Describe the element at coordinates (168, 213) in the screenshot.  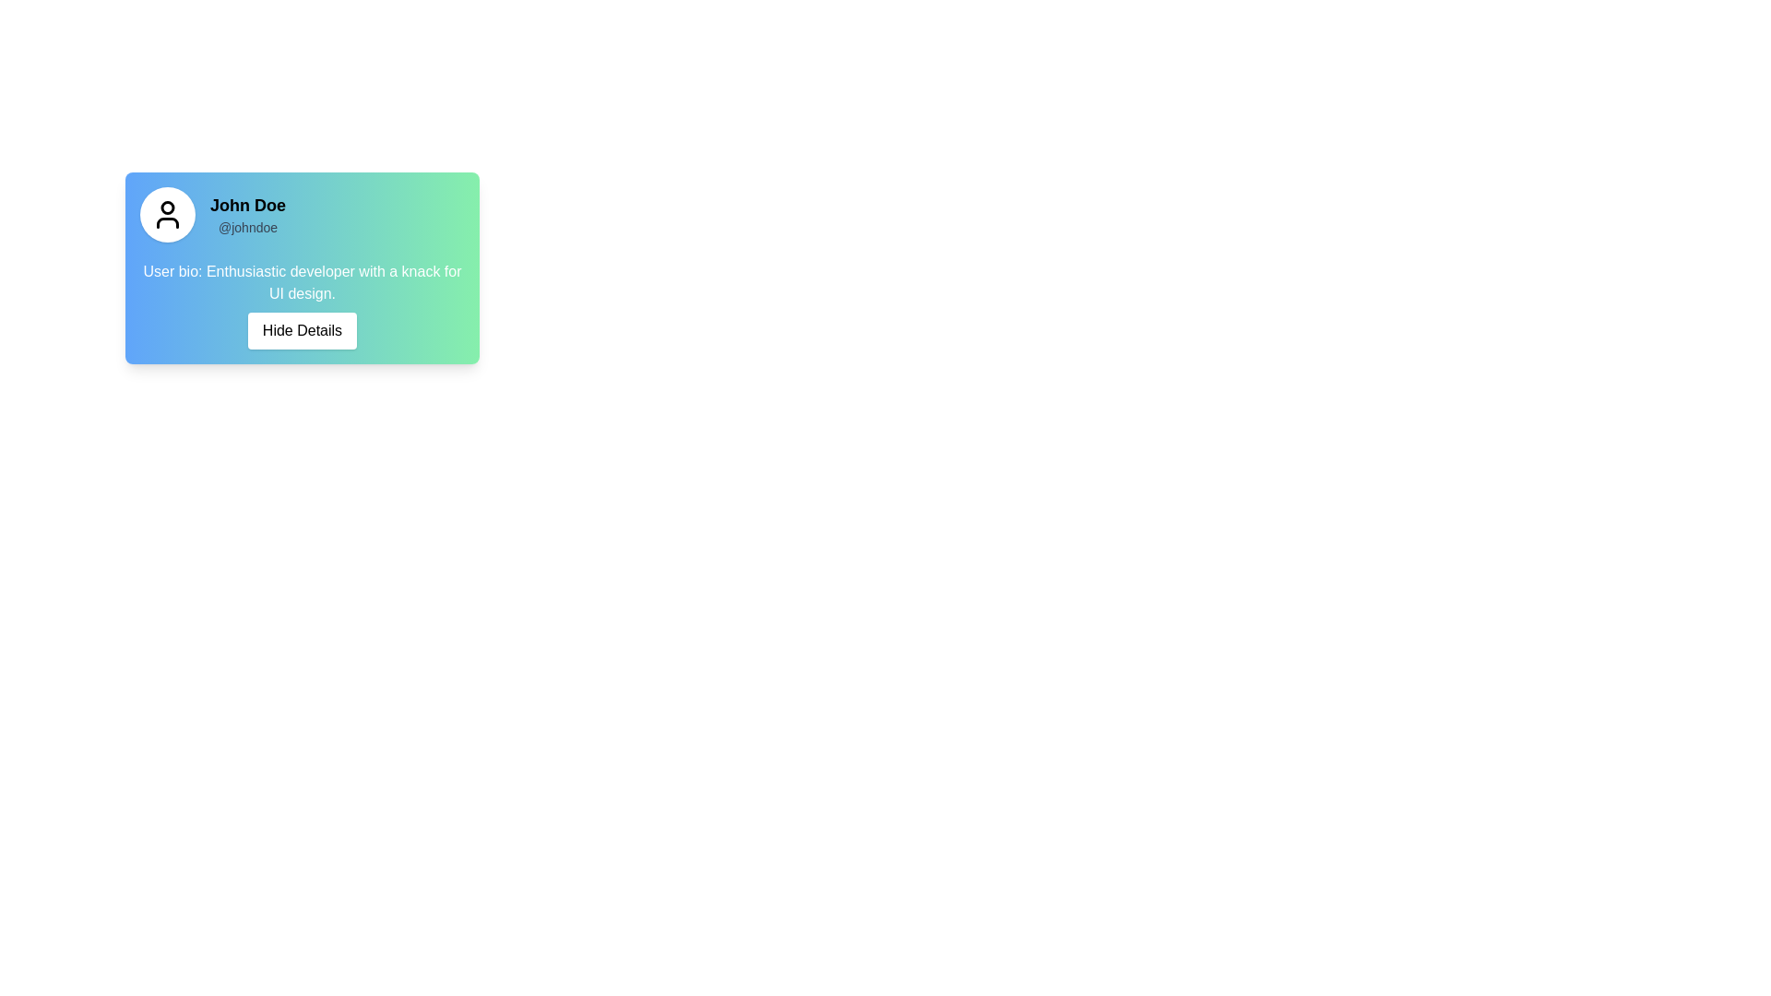
I see `the circular user Avatar Icon with a white background and black outlined illustration, located at the leftmost side of the profile card` at that location.